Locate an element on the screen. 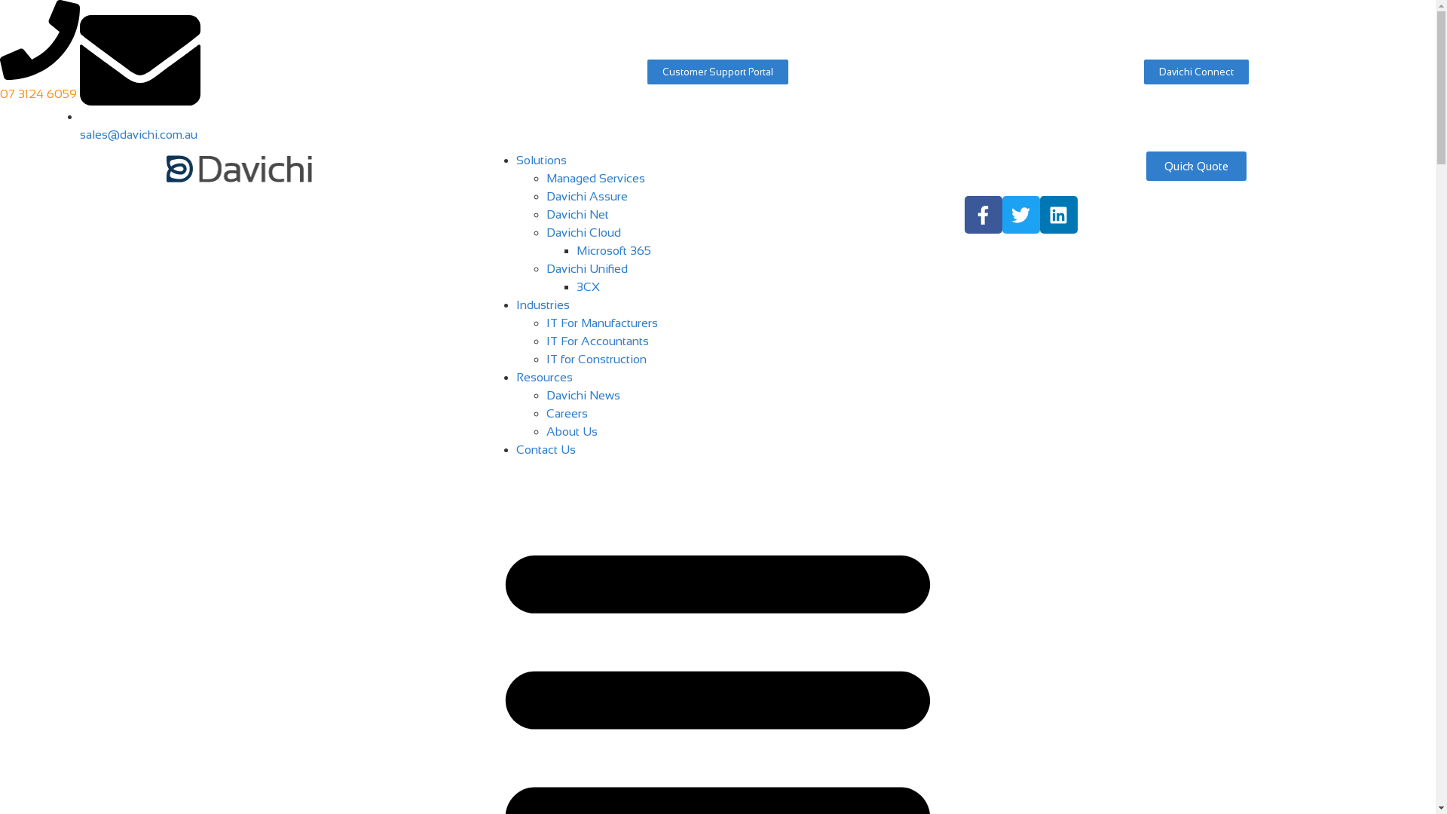 The width and height of the screenshot is (1447, 814). 'Customer Support Portal' is located at coordinates (717, 72).